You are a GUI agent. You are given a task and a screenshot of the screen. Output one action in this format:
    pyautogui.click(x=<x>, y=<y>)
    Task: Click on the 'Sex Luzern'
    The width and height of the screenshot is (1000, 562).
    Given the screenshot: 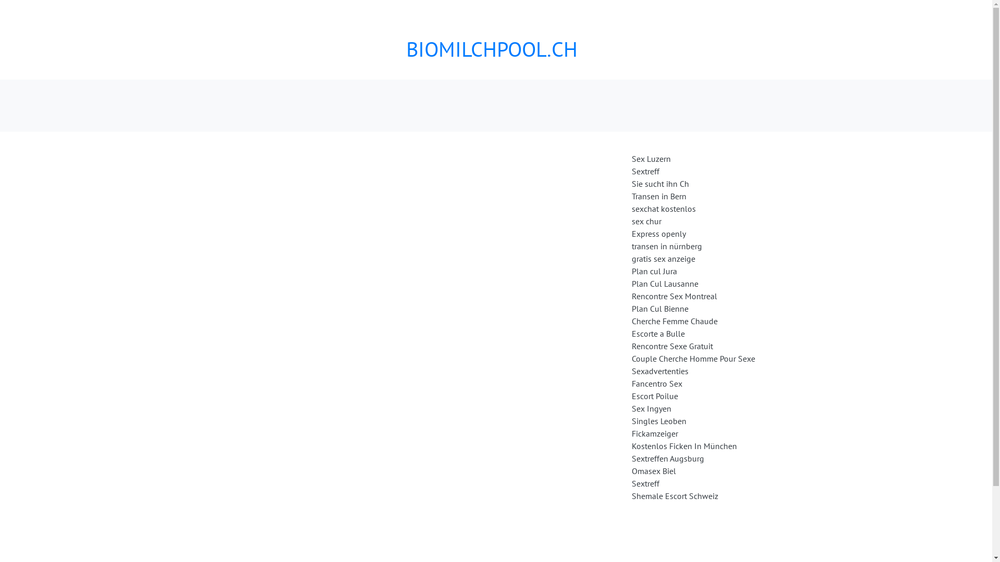 What is the action you would take?
    pyautogui.click(x=630, y=158)
    